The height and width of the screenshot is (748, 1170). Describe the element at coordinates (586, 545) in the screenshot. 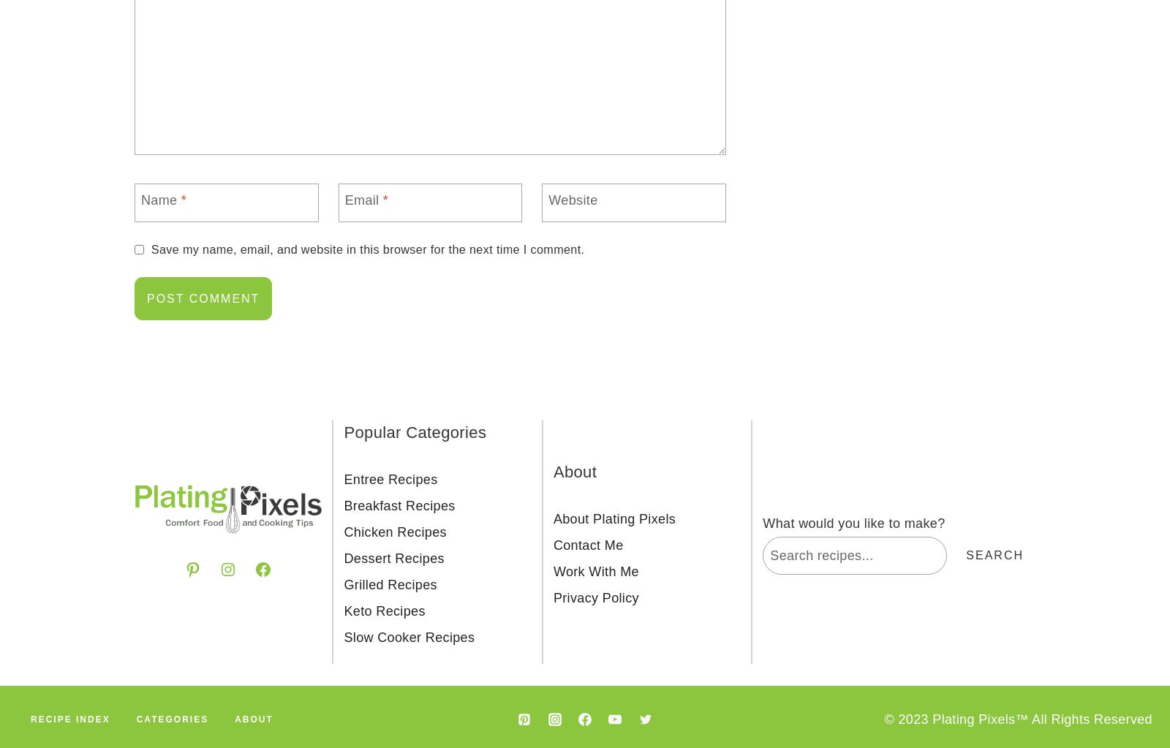

I see `'Contact Me'` at that location.